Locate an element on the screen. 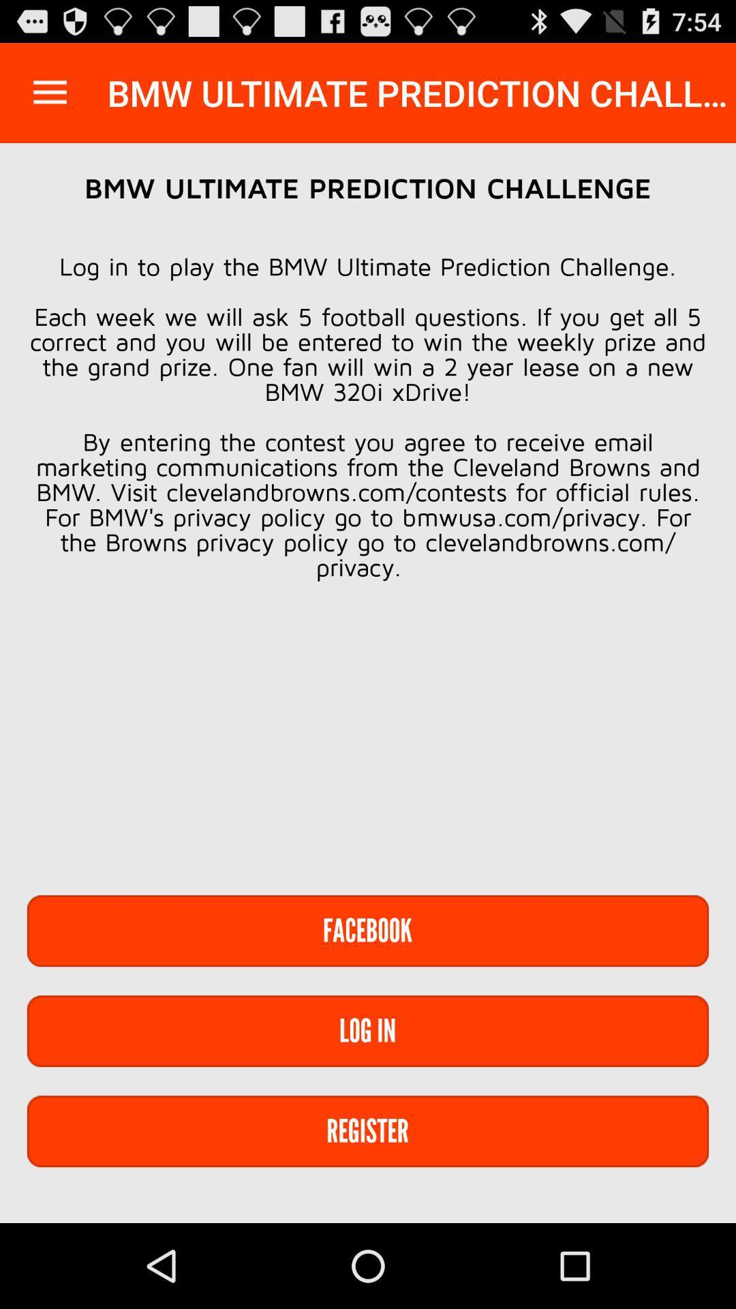 The width and height of the screenshot is (736, 1309). the item next to the bmw ultimate prediction item is located at coordinates (49, 92).